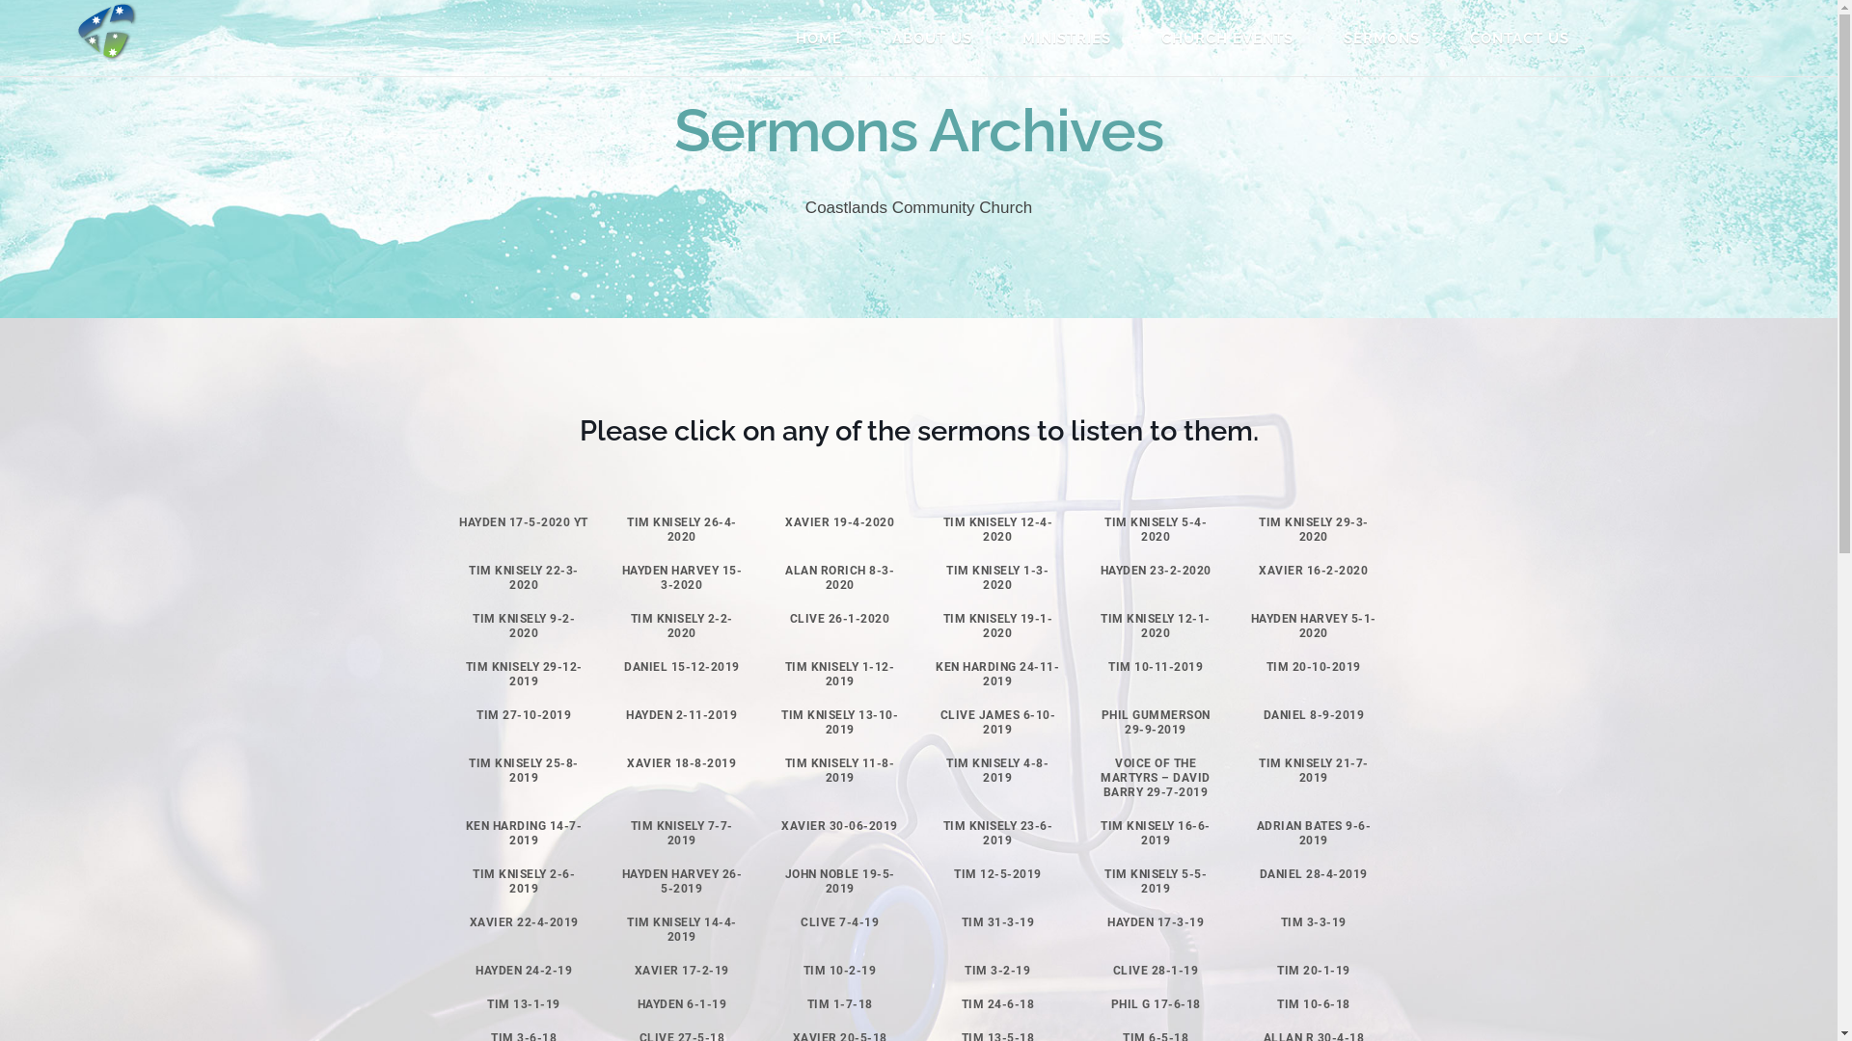 This screenshot has width=1852, height=1041. What do you see at coordinates (681, 761) in the screenshot?
I see `'XAVIER 18-8-2019'` at bounding box center [681, 761].